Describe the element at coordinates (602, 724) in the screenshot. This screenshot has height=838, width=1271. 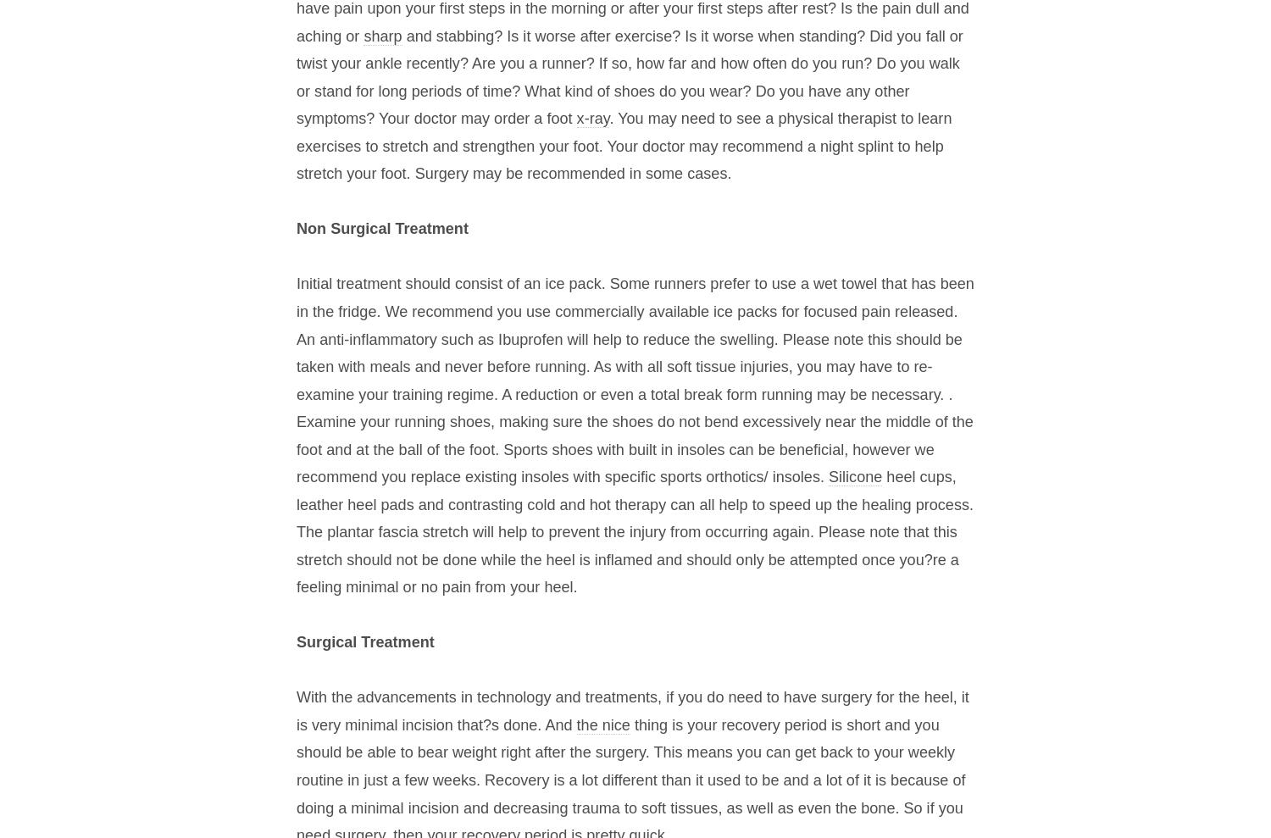
I see `'the nice'` at that location.